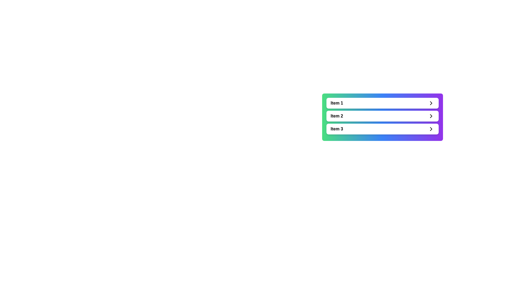 The height and width of the screenshot is (291, 518). Describe the element at coordinates (431, 103) in the screenshot. I see `the right-facing chevron icon with a black stroke located on the right side of 'Item 1' to initiate navigation or interaction` at that location.